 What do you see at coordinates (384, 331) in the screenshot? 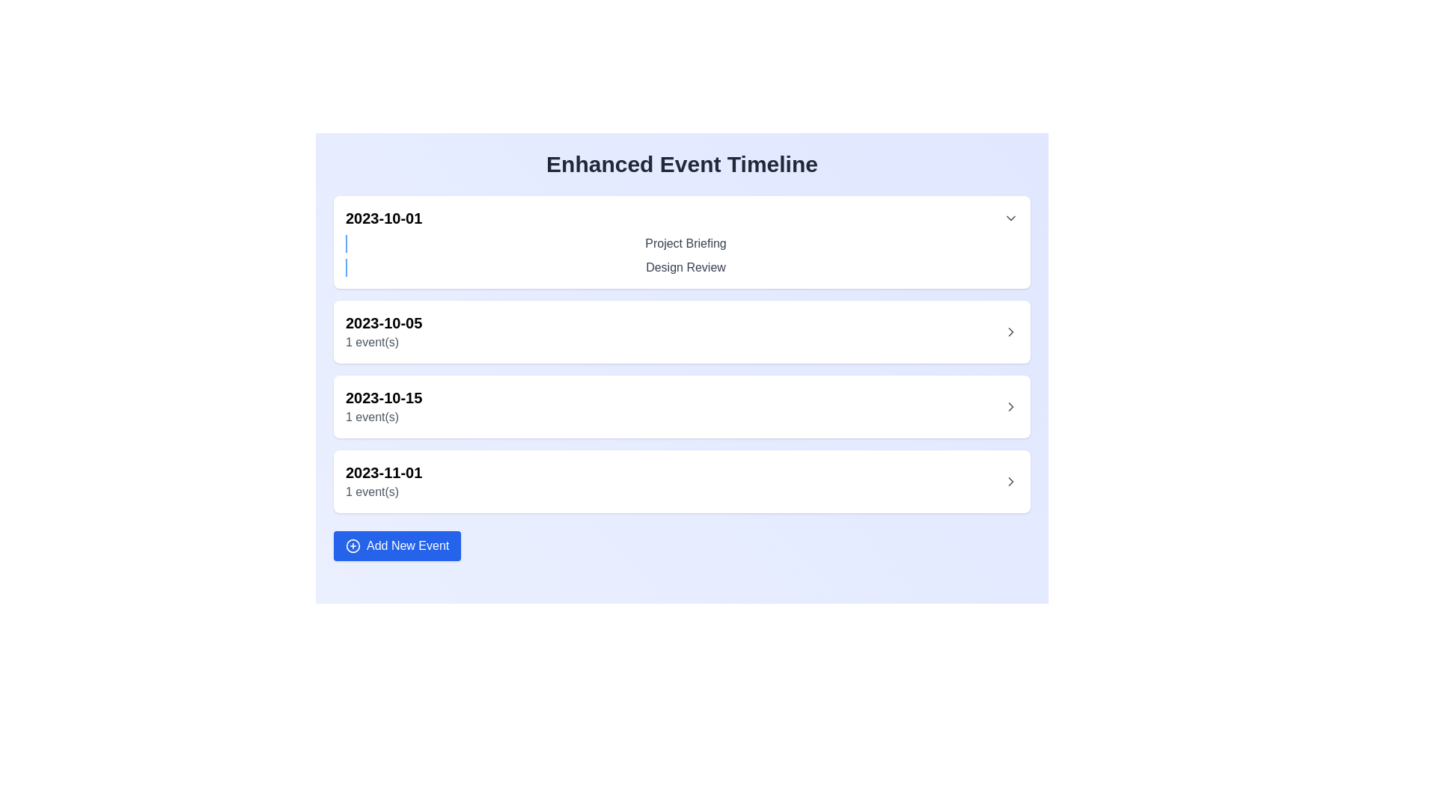
I see `the text block displaying the date '2023-10-05' and the event count '1 event(s)', which is positioned as the second entry in a vertical list` at bounding box center [384, 331].